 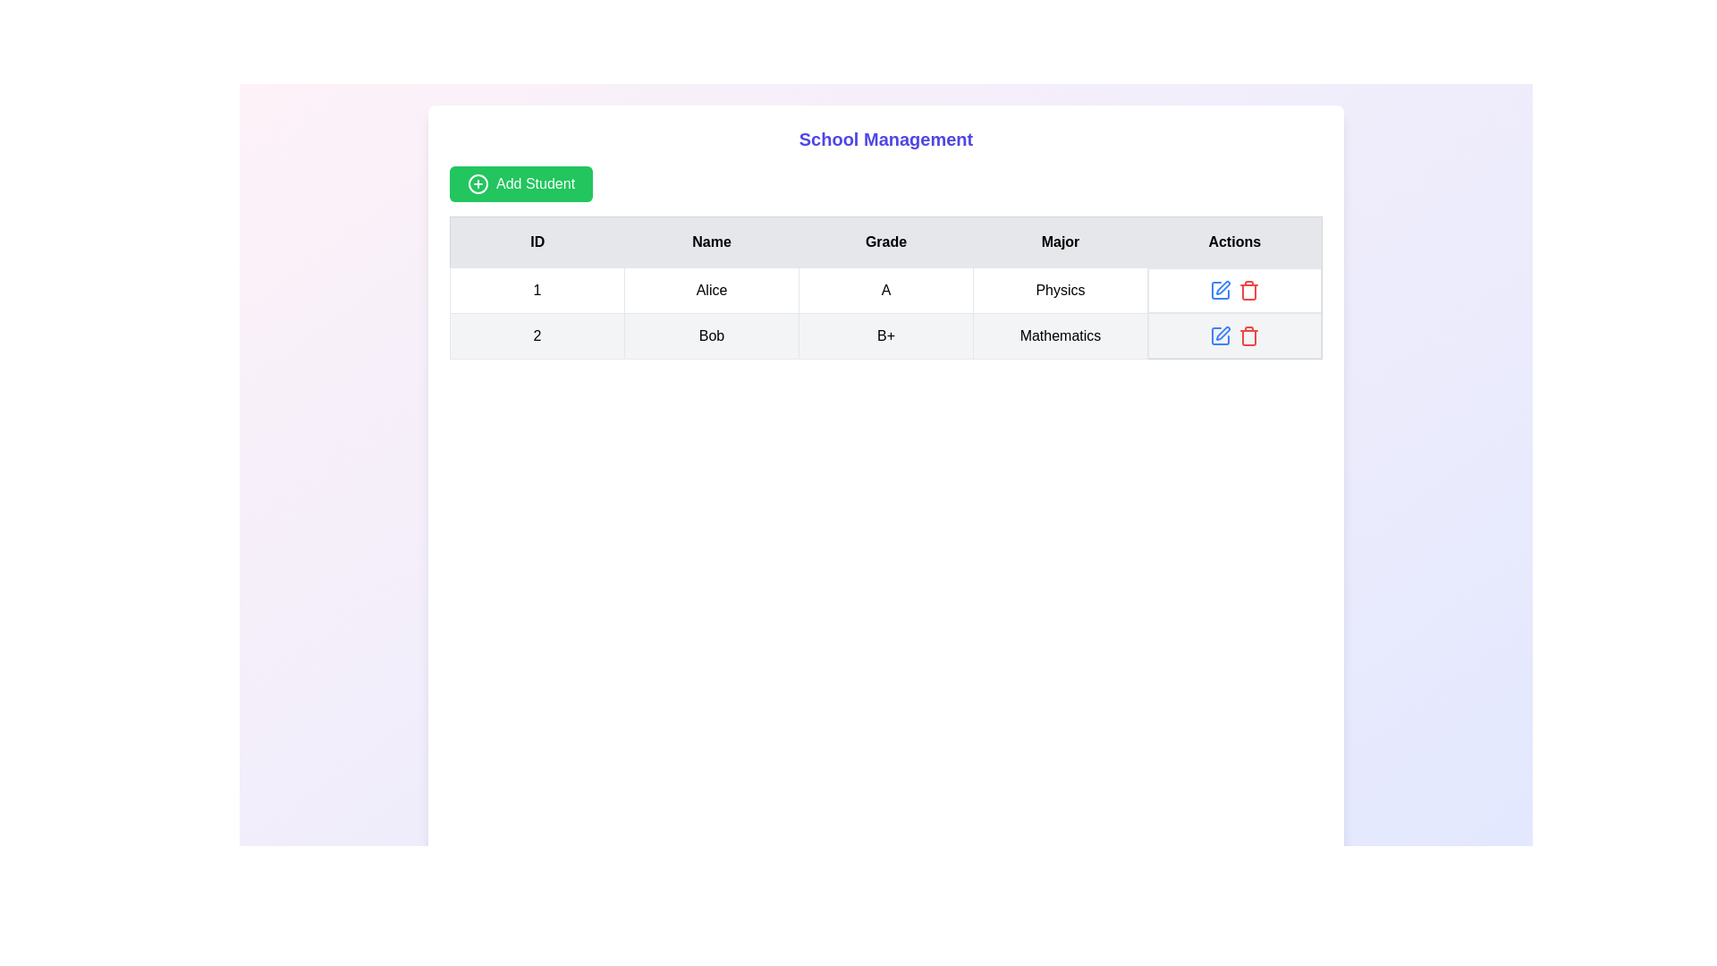 What do you see at coordinates (1219, 289) in the screenshot?
I see `the editable SVG vector graphic button featuring a square outline and pen icon located in the first row of the 'Actions' column` at bounding box center [1219, 289].